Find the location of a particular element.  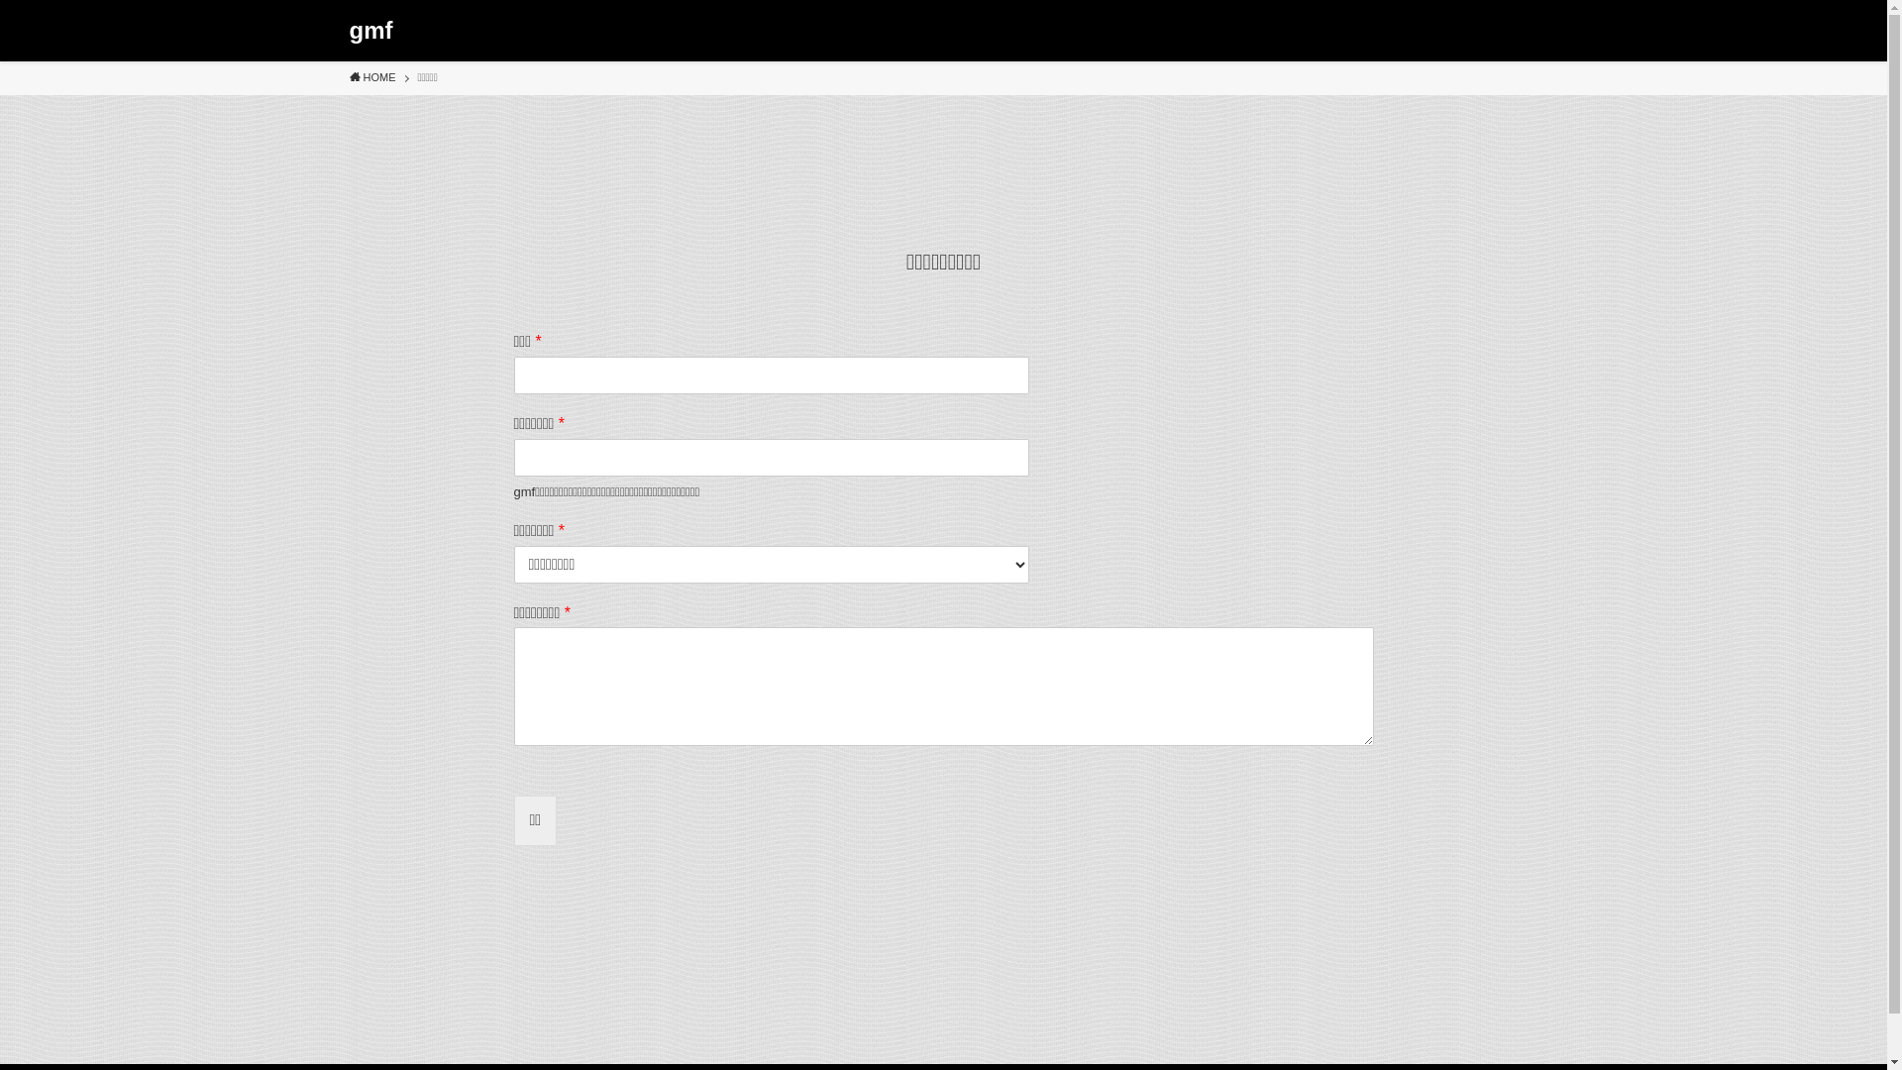

'search' is located at coordinates (1184, 550).